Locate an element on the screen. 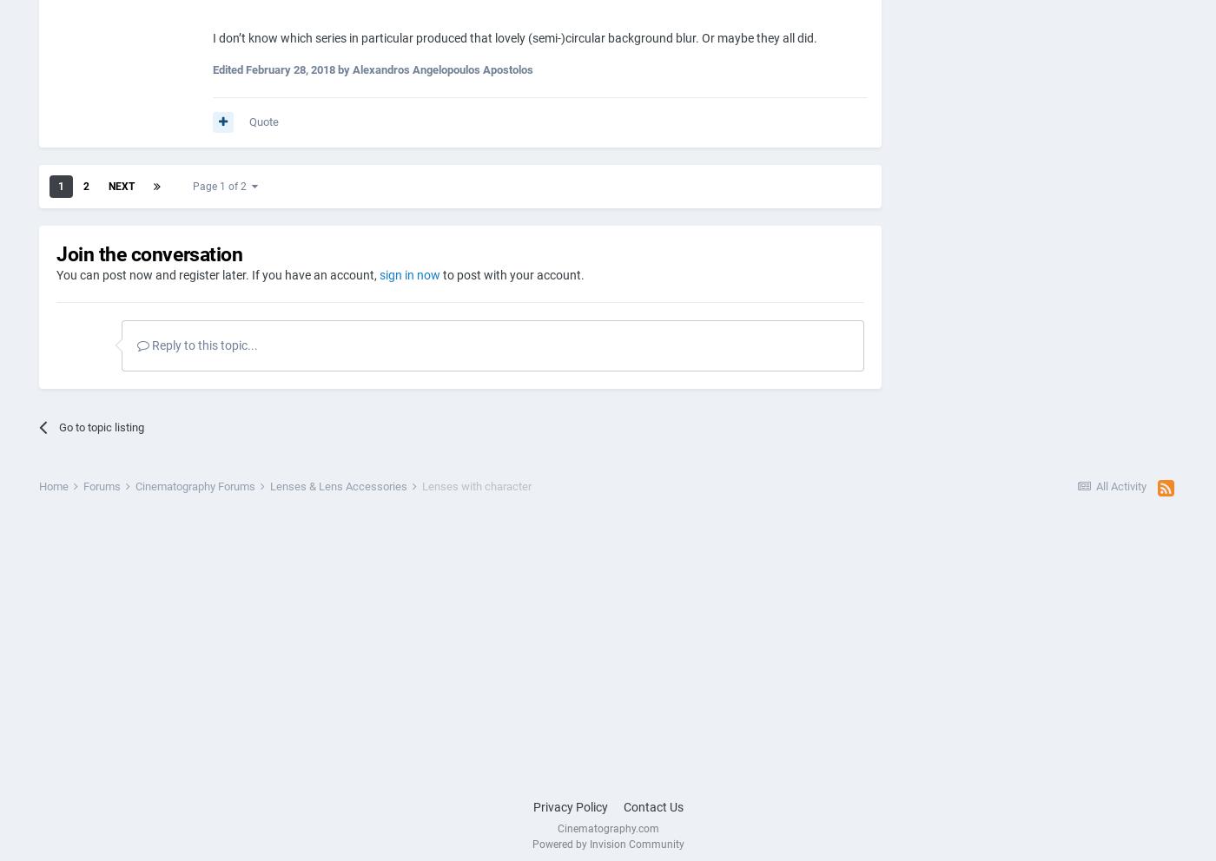 Image resolution: width=1216 pixels, height=861 pixels. 'Lenses & Lens Accessories' is located at coordinates (340, 485).